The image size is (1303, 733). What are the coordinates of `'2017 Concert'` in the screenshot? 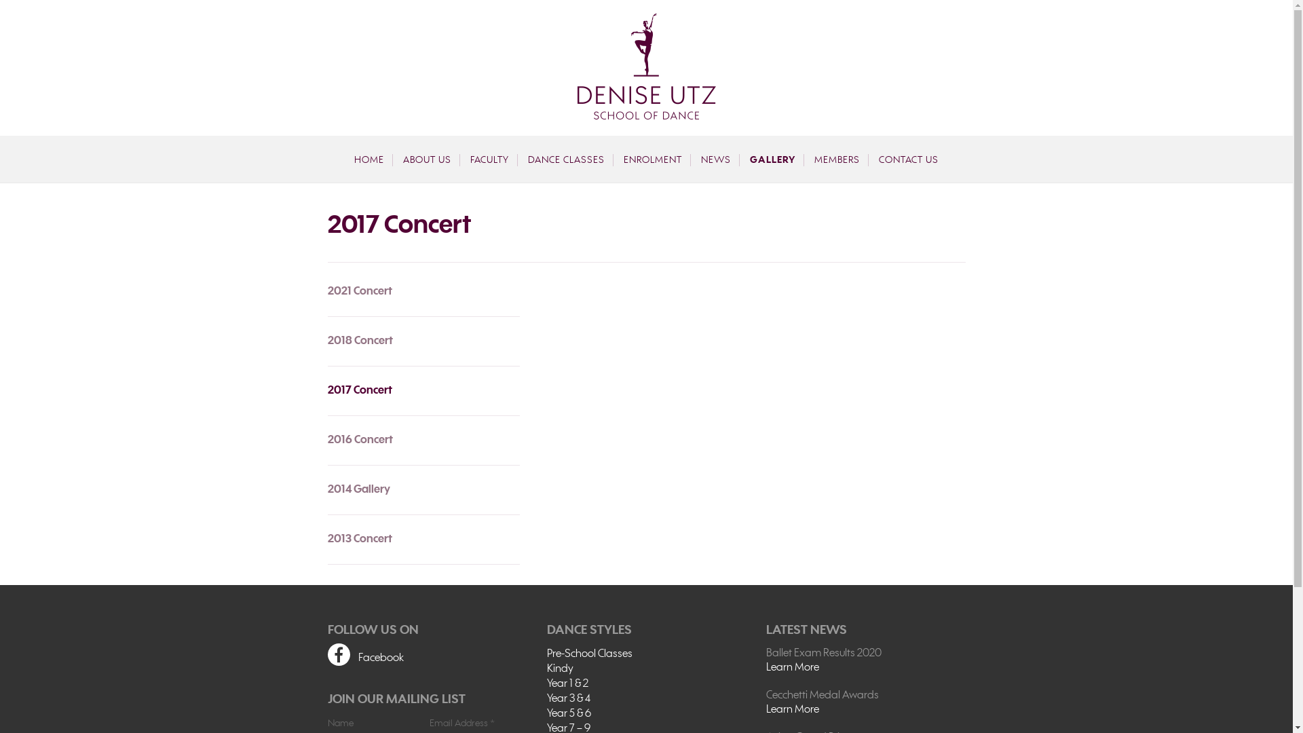 It's located at (422, 390).